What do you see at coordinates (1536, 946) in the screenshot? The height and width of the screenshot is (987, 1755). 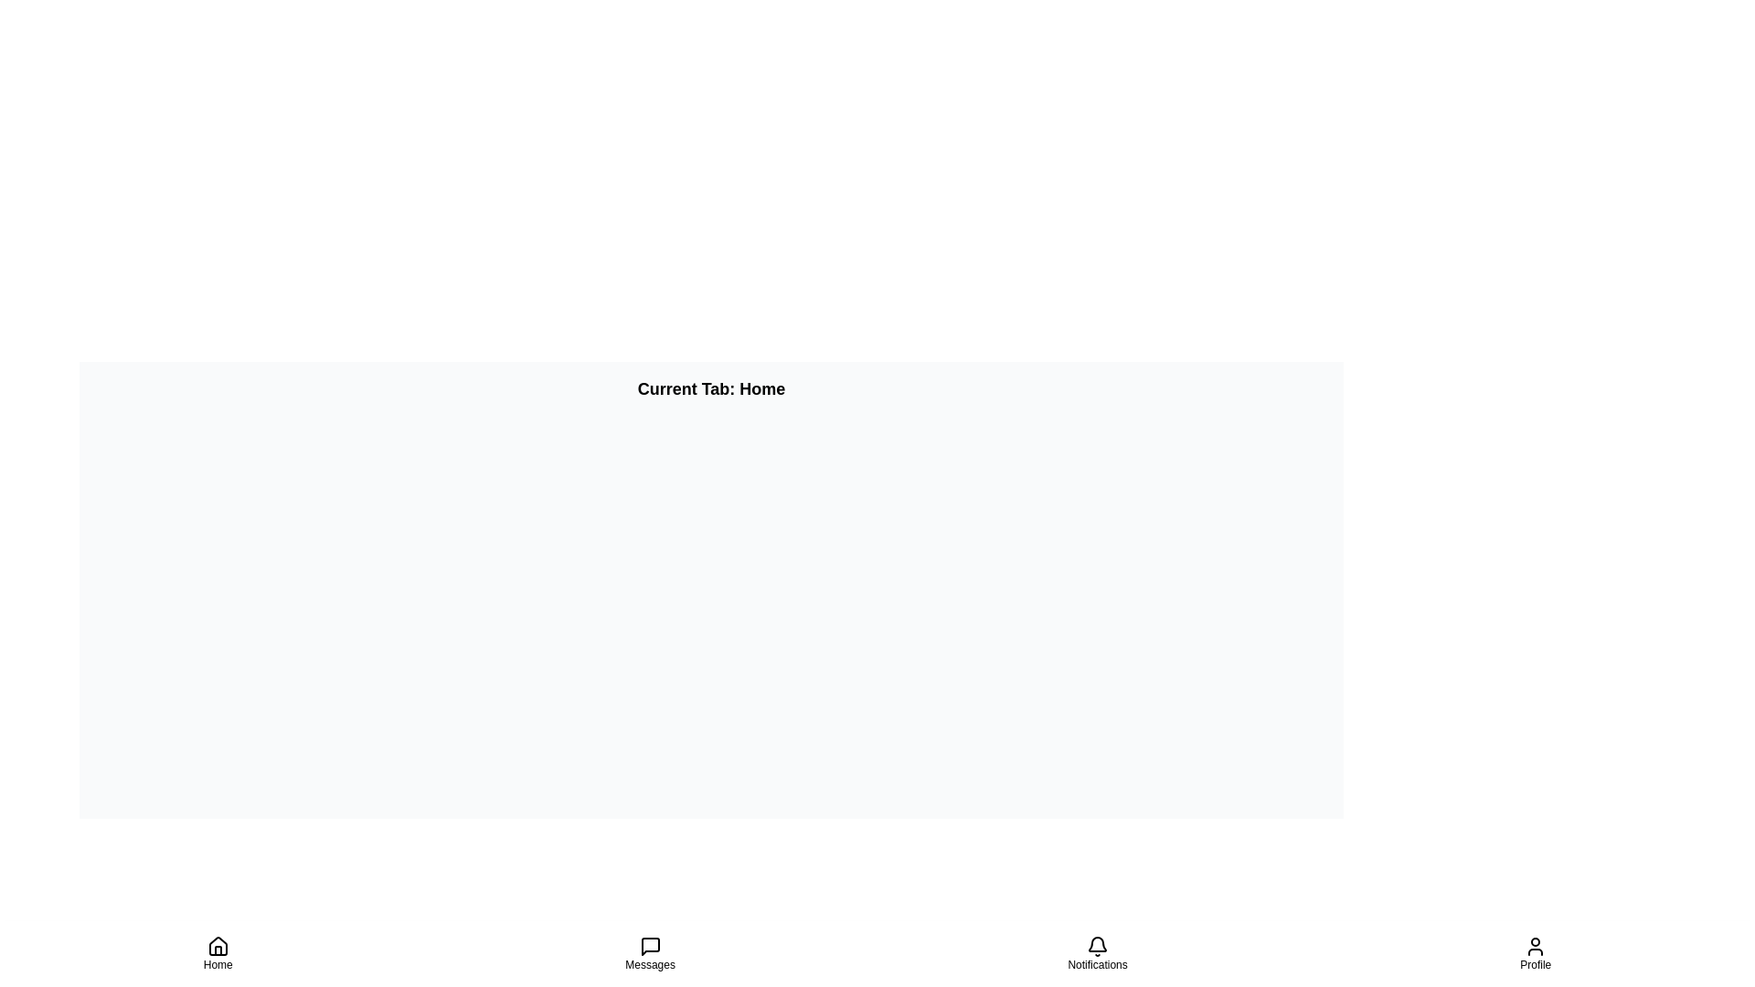 I see `the user icon in the 'Profile' navigation tab` at bounding box center [1536, 946].